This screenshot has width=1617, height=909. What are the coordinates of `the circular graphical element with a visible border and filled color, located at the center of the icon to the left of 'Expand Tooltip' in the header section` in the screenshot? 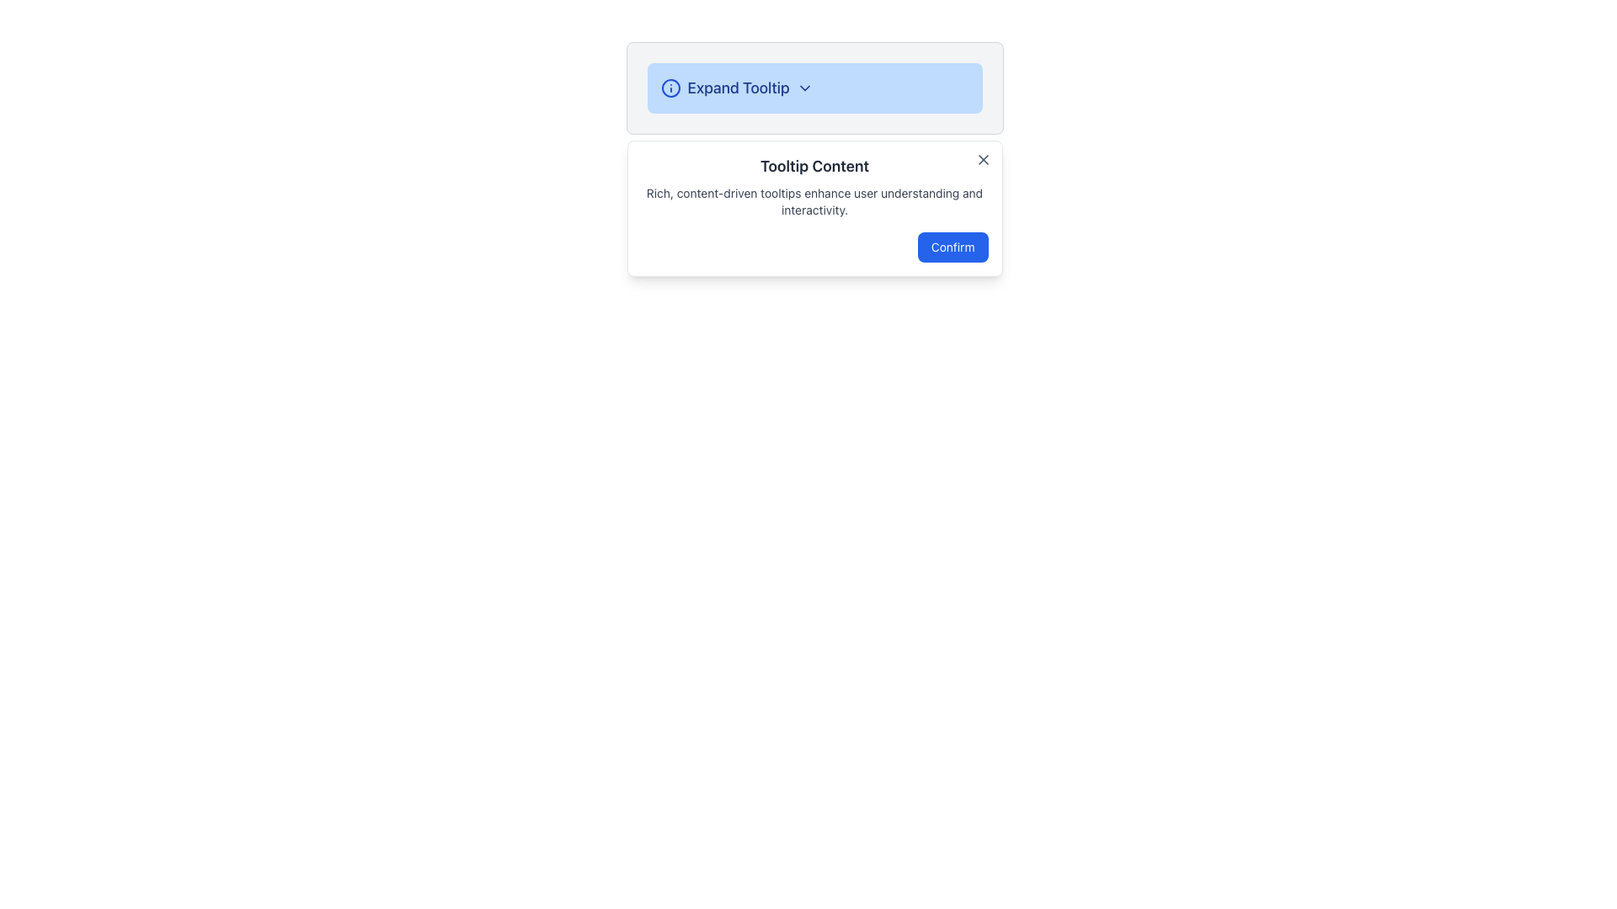 It's located at (670, 88).